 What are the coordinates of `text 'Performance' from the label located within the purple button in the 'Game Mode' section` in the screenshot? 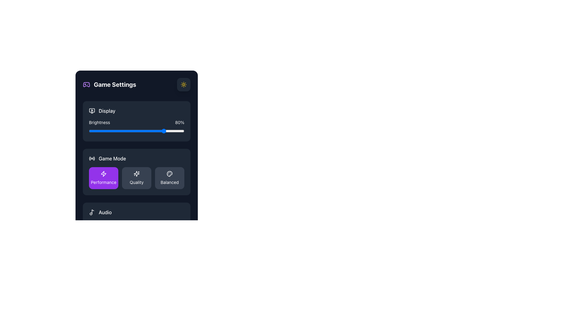 It's located at (104, 182).